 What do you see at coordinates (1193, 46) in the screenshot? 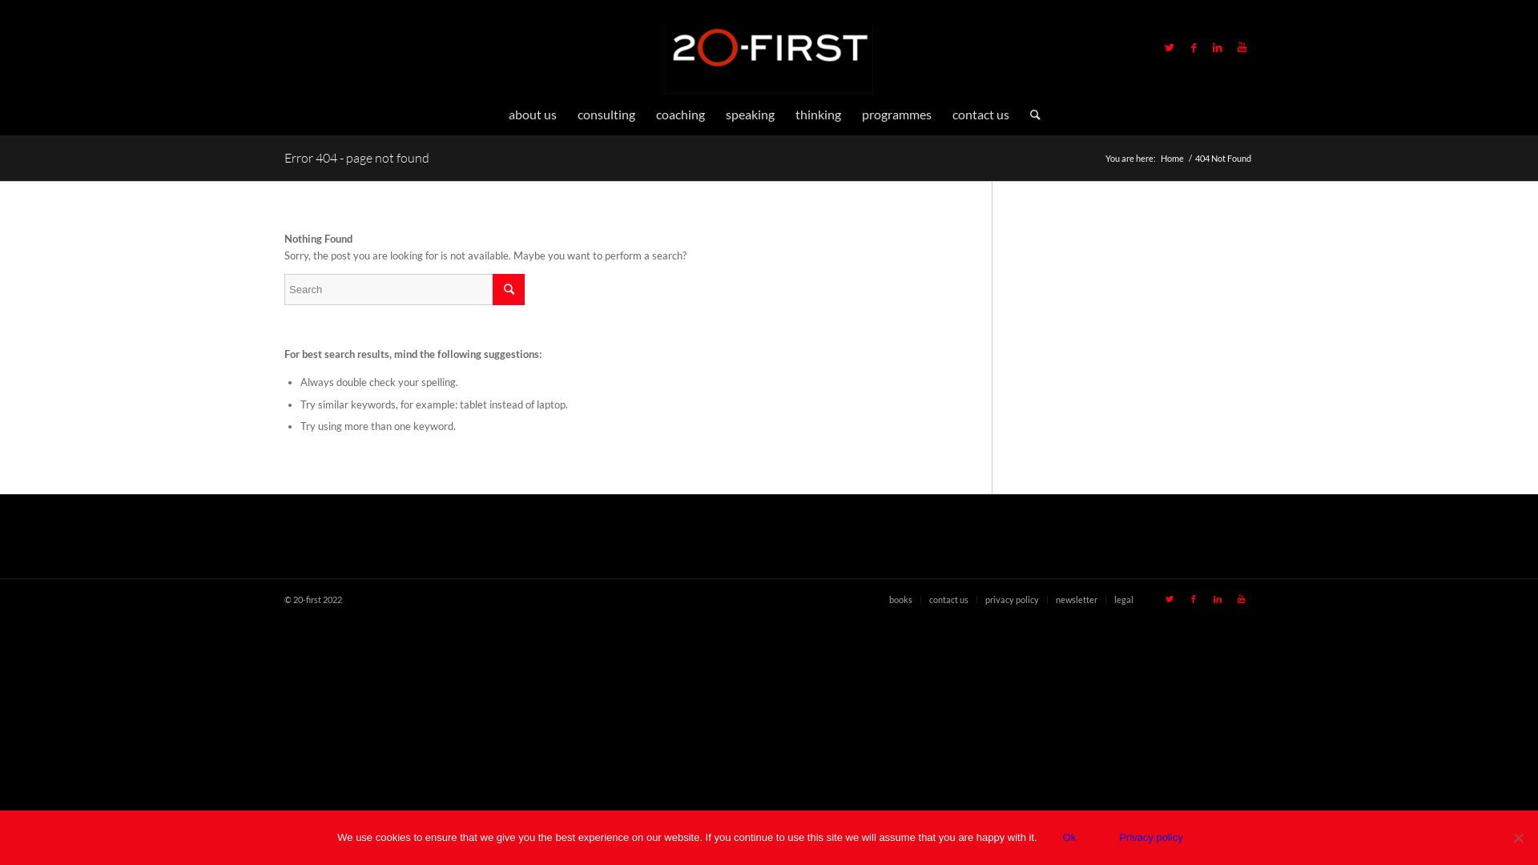
I see `'Facebook'` at bounding box center [1193, 46].